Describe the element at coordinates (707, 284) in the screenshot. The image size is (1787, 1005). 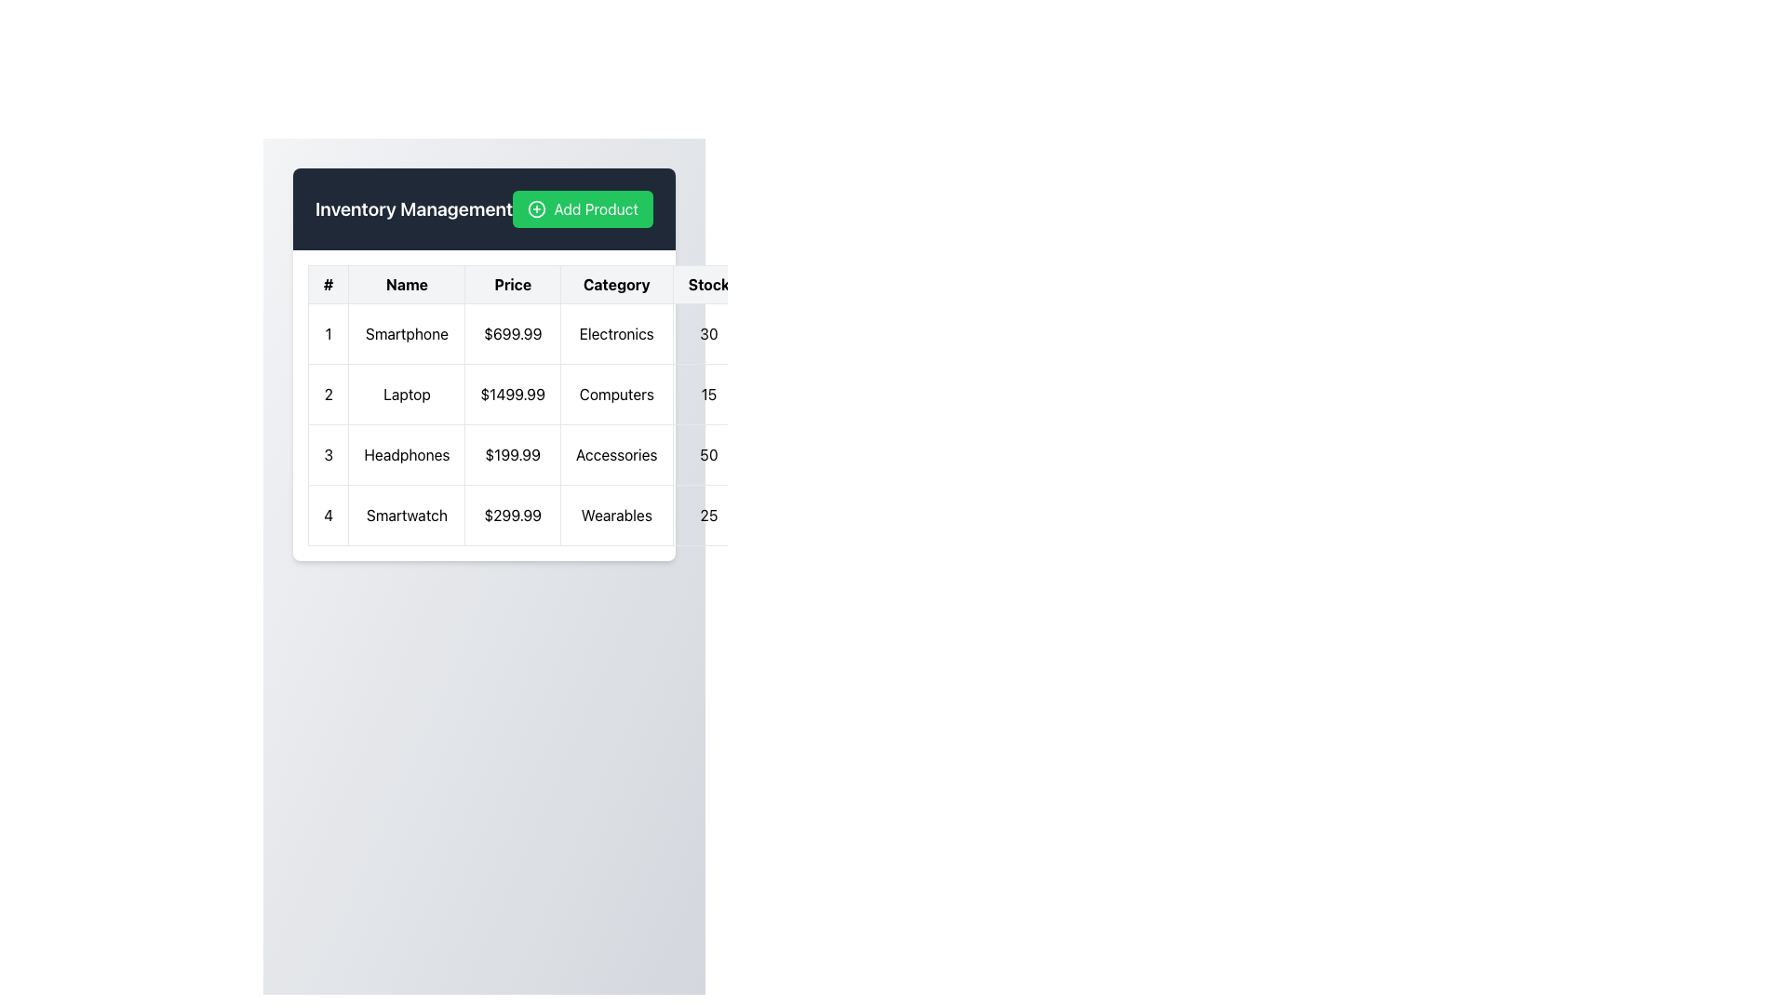
I see `the 'Stock' table header located in the fifth column of the inventory management table` at that location.